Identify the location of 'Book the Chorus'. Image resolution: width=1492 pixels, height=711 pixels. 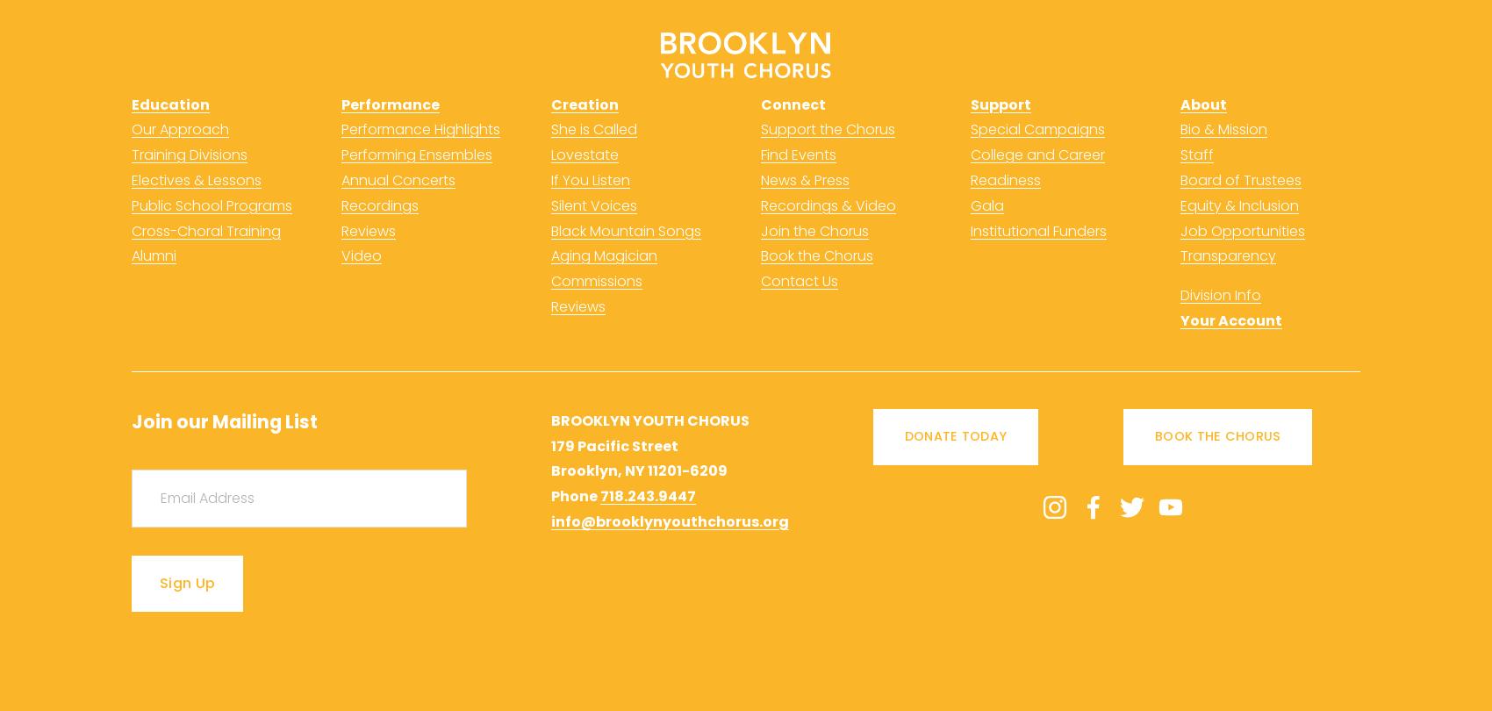
(816, 255).